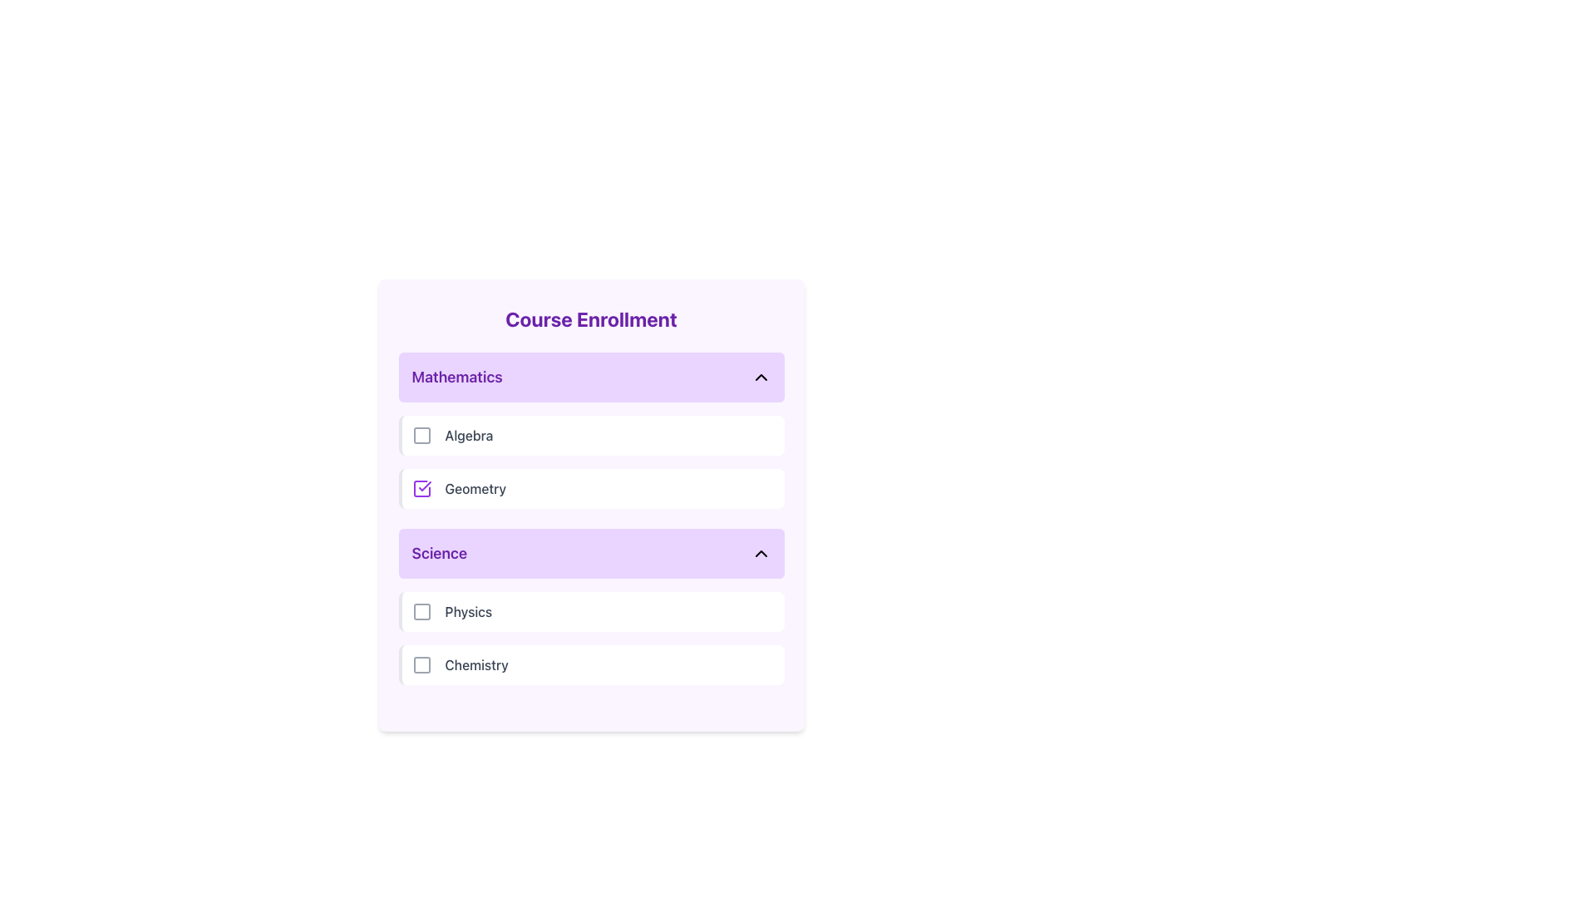 The width and height of the screenshot is (1596, 898). What do you see at coordinates (760, 377) in the screenshot?
I see `the upward-pointing chevron icon in the top-right corner of the 'Mathematics' header` at bounding box center [760, 377].